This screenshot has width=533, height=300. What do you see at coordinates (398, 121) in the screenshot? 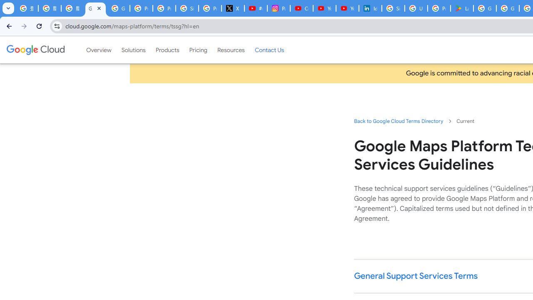
I see `'Back to Google Cloud Terms Directory'` at bounding box center [398, 121].